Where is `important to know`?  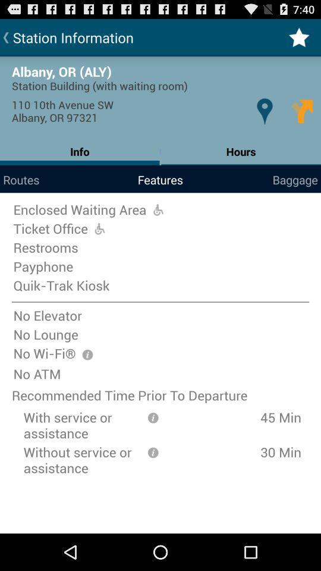 important to know is located at coordinates (87, 354).